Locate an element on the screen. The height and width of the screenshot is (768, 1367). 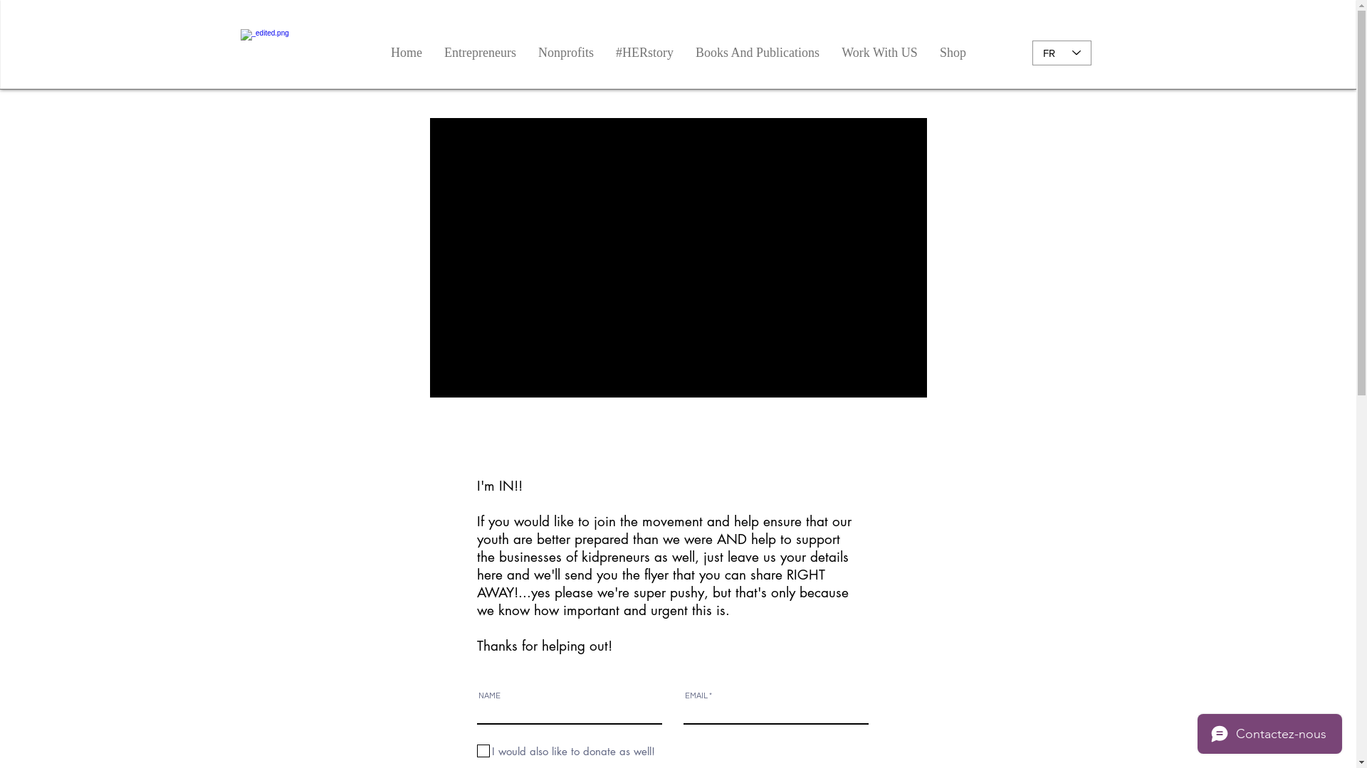
'Shop' is located at coordinates (953, 52).